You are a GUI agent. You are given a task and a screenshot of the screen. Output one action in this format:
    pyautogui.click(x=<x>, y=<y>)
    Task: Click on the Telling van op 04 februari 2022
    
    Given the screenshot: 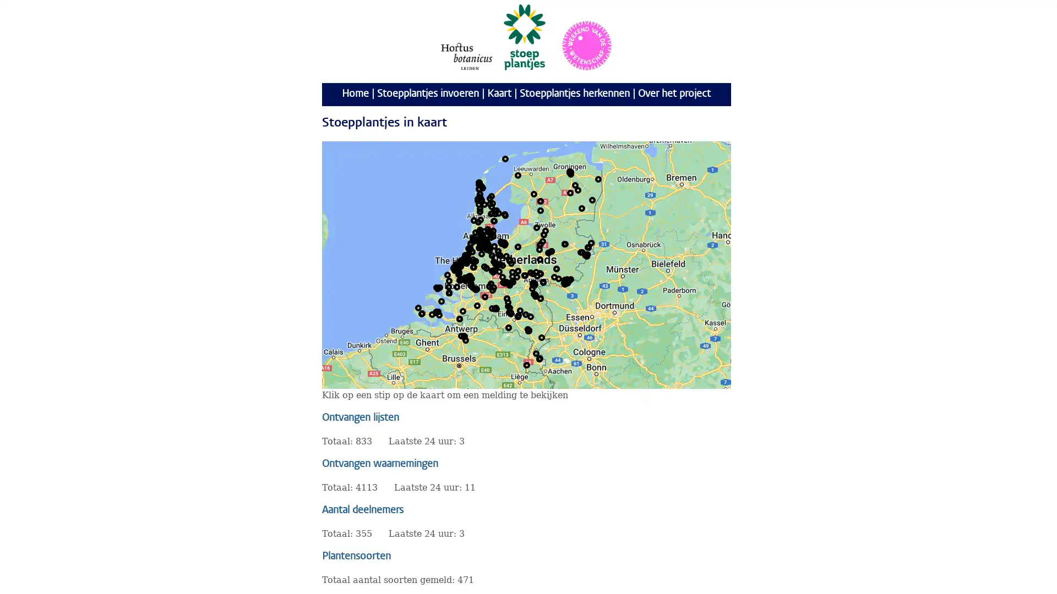 What is the action you would take?
    pyautogui.click(x=467, y=261)
    